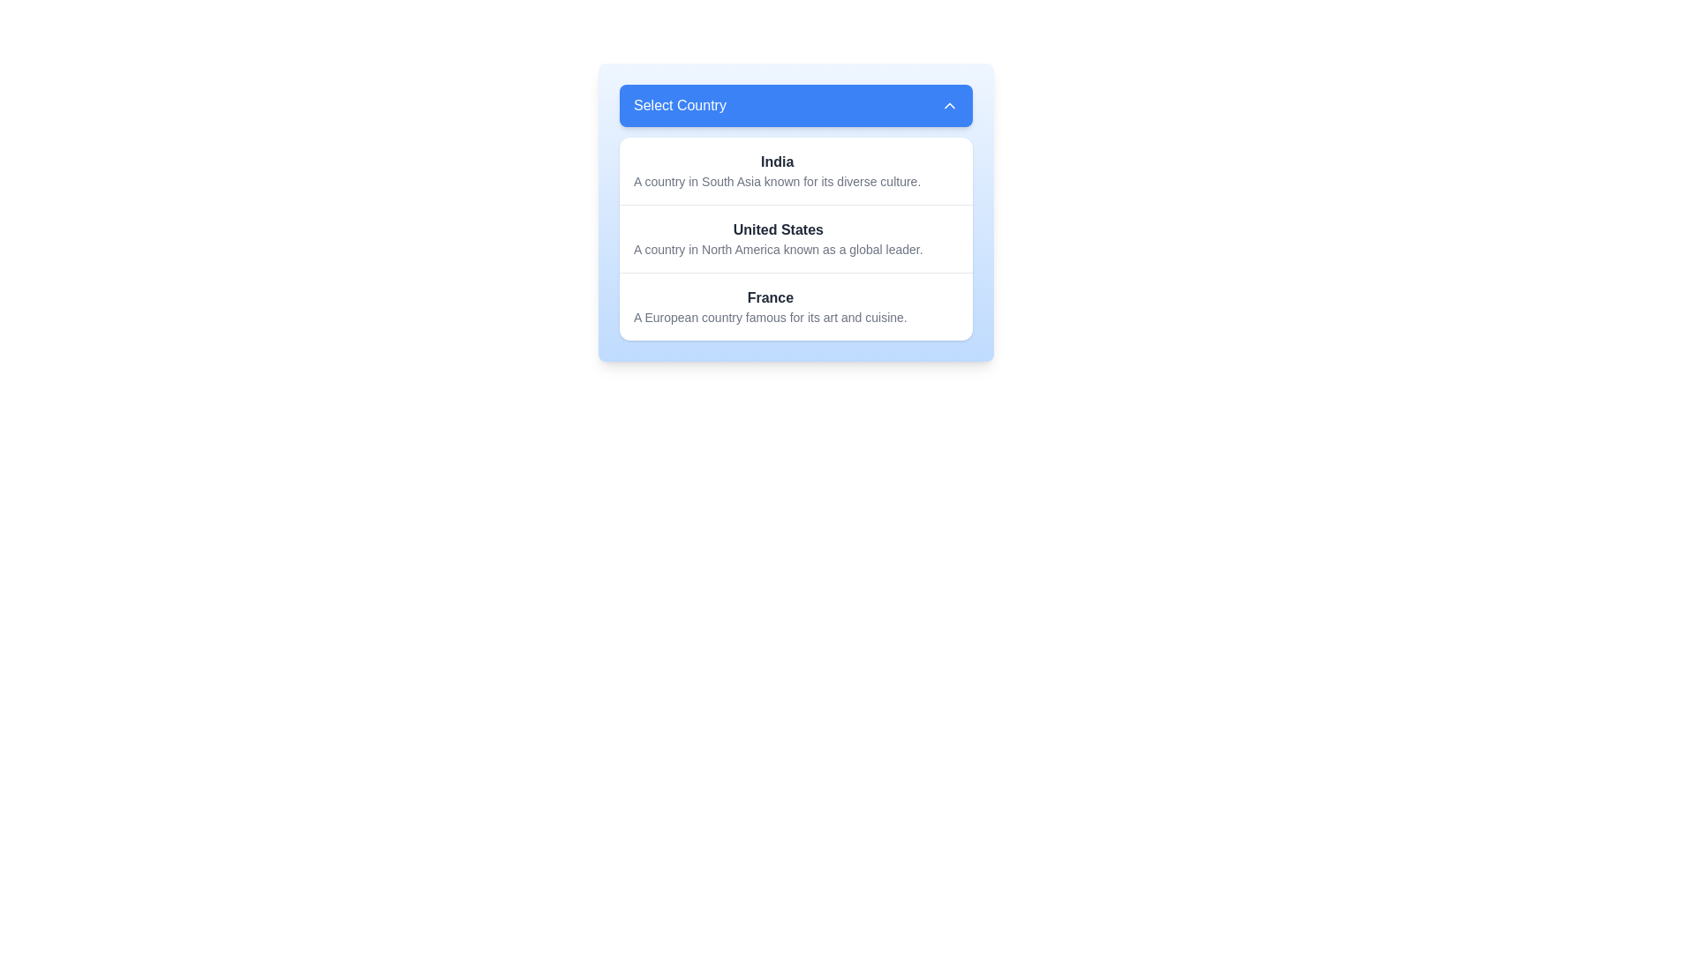  What do you see at coordinates (795, 170) in the screenshot?
I see `the selectable country list item named 'India'` at bounding box center [795, 170].